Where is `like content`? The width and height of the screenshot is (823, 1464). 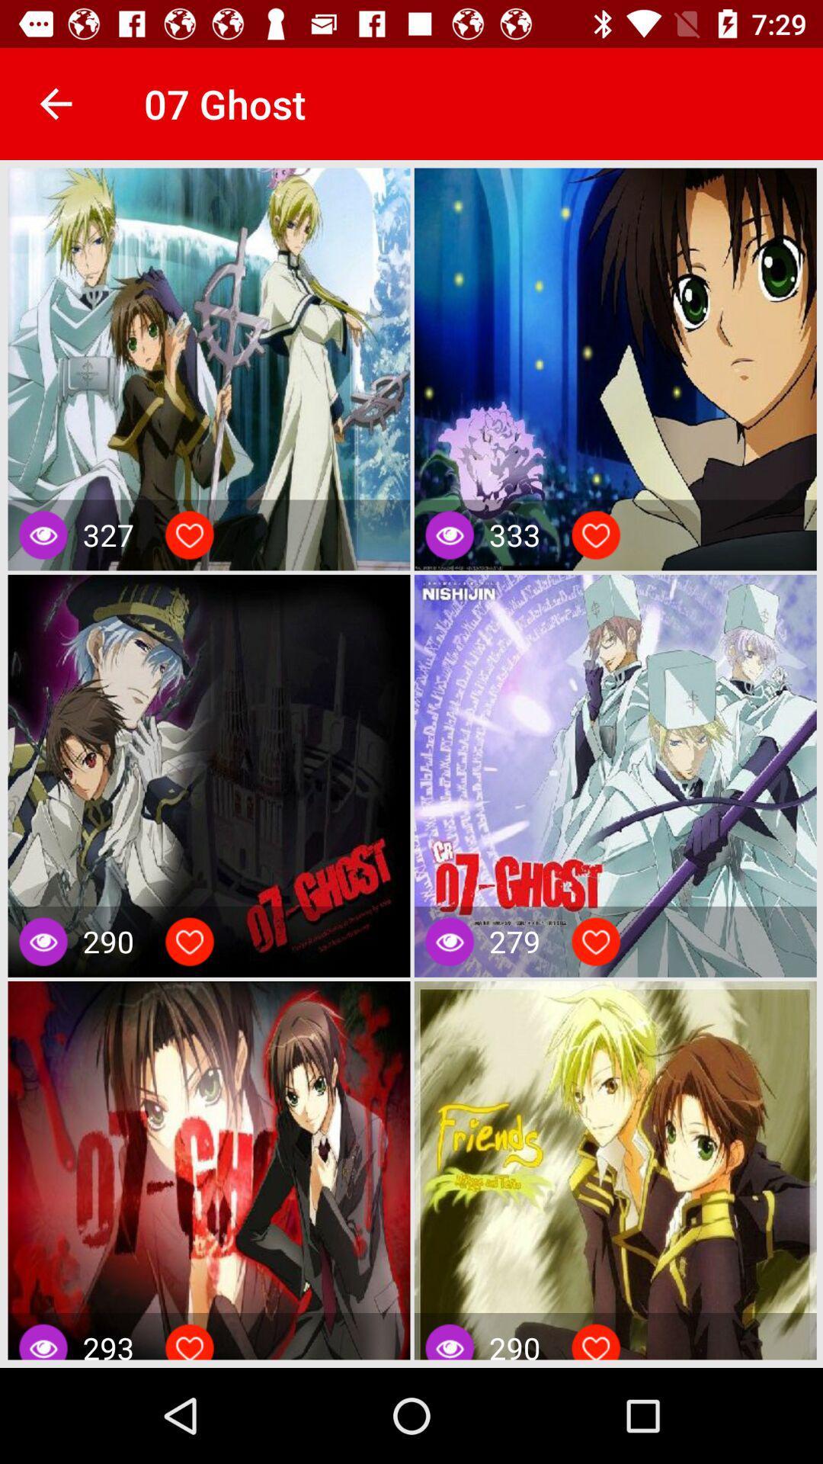 like content is located at coordinates (595, 941).